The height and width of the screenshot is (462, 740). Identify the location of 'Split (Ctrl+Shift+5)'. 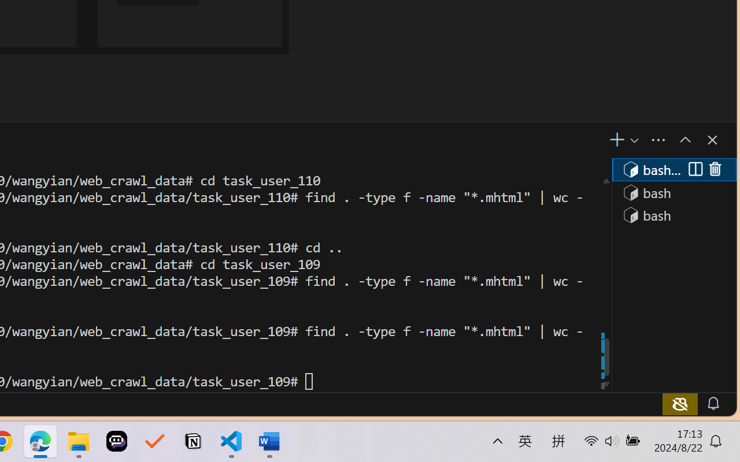
(694, 169).